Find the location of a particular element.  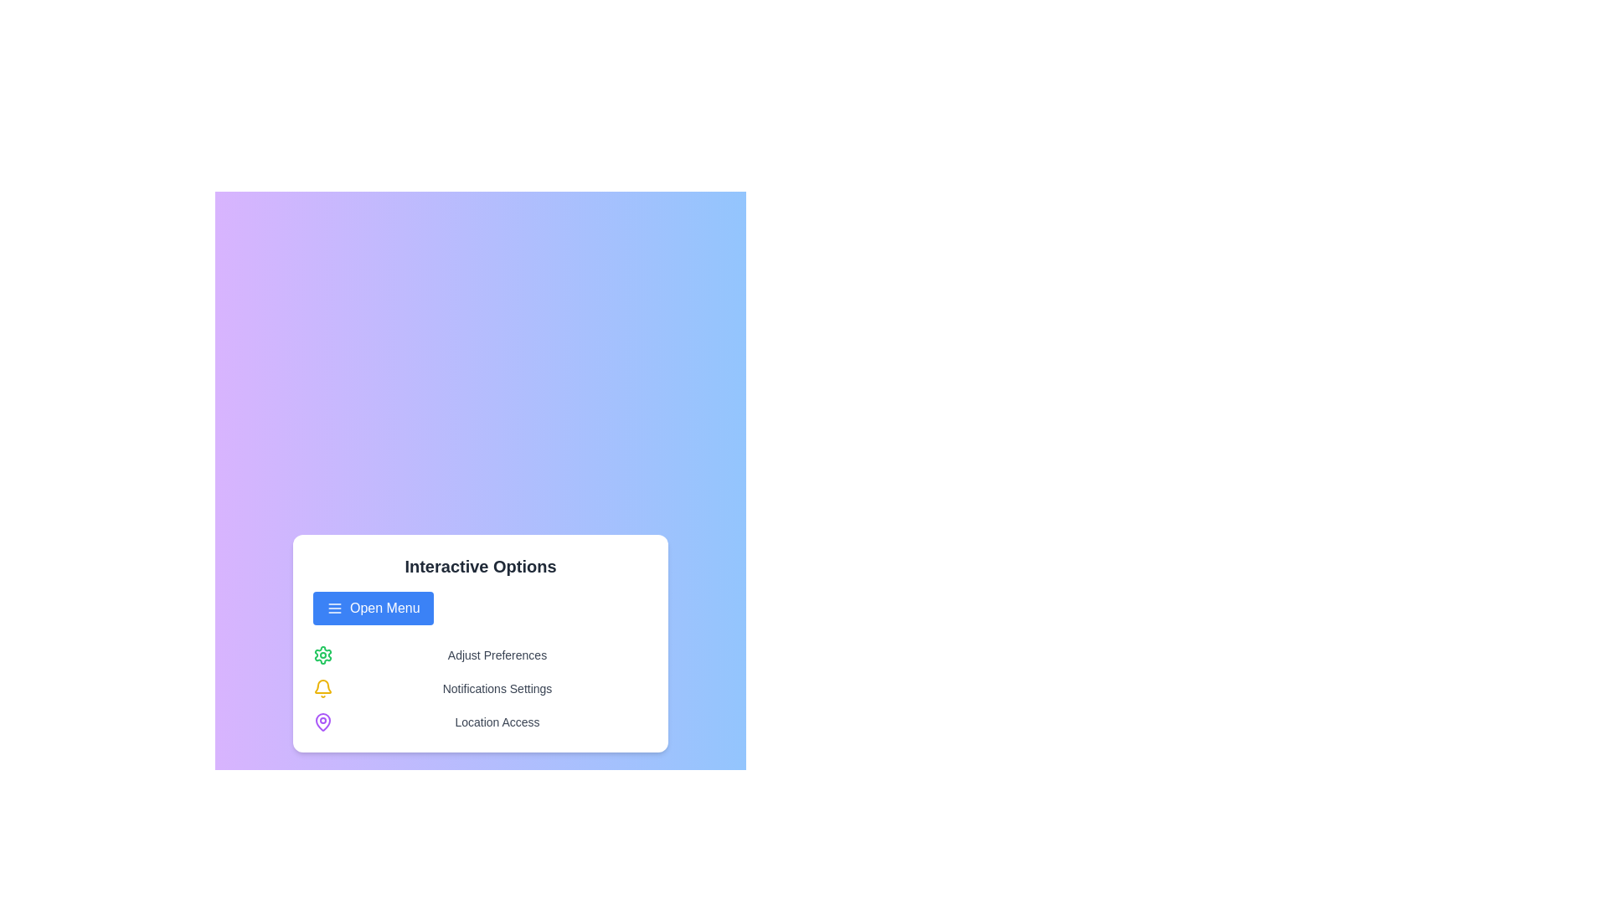

the List item labeled 'Notifications Settings' with a yellow bell icon by tapping on it is located at coordinates (480, 688).